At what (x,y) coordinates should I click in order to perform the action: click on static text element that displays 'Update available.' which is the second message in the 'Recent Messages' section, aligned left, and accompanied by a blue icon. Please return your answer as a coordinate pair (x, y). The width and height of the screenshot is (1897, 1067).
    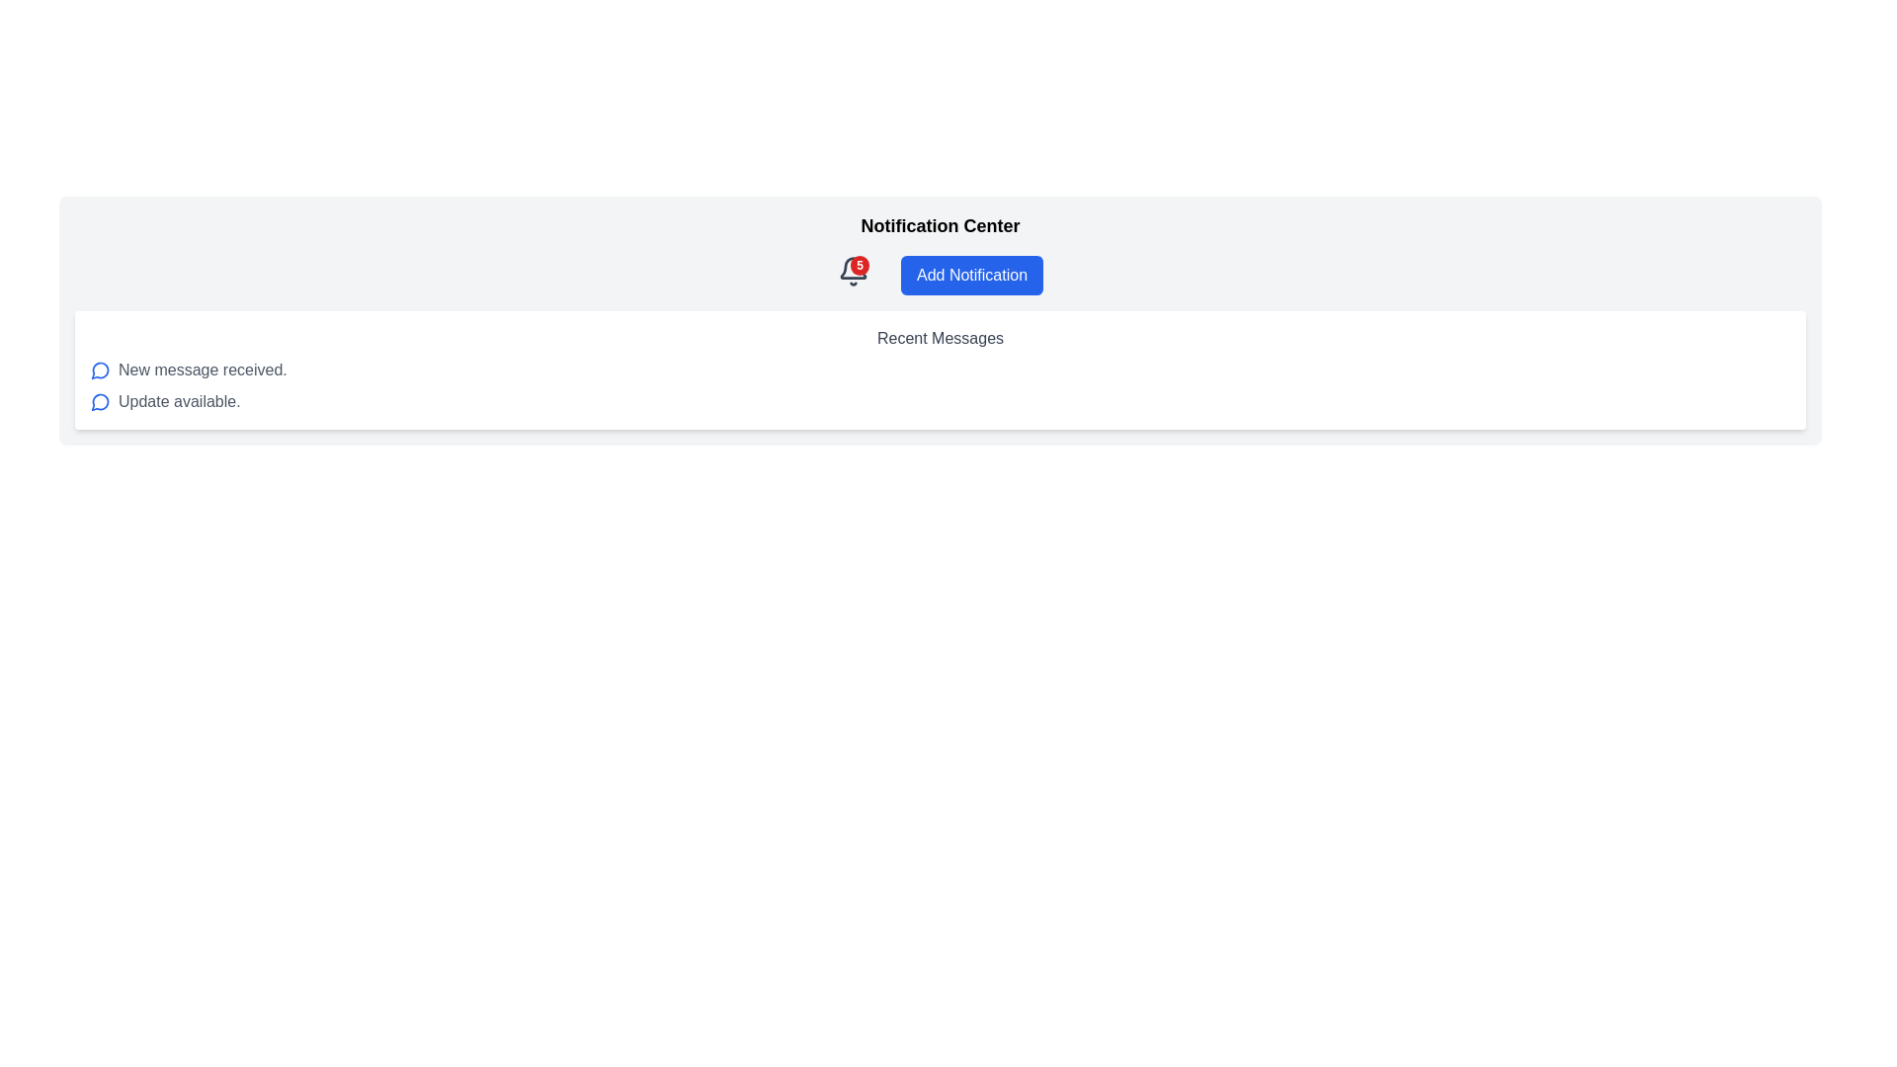
    Looking at the image, I should click on (179, 401).